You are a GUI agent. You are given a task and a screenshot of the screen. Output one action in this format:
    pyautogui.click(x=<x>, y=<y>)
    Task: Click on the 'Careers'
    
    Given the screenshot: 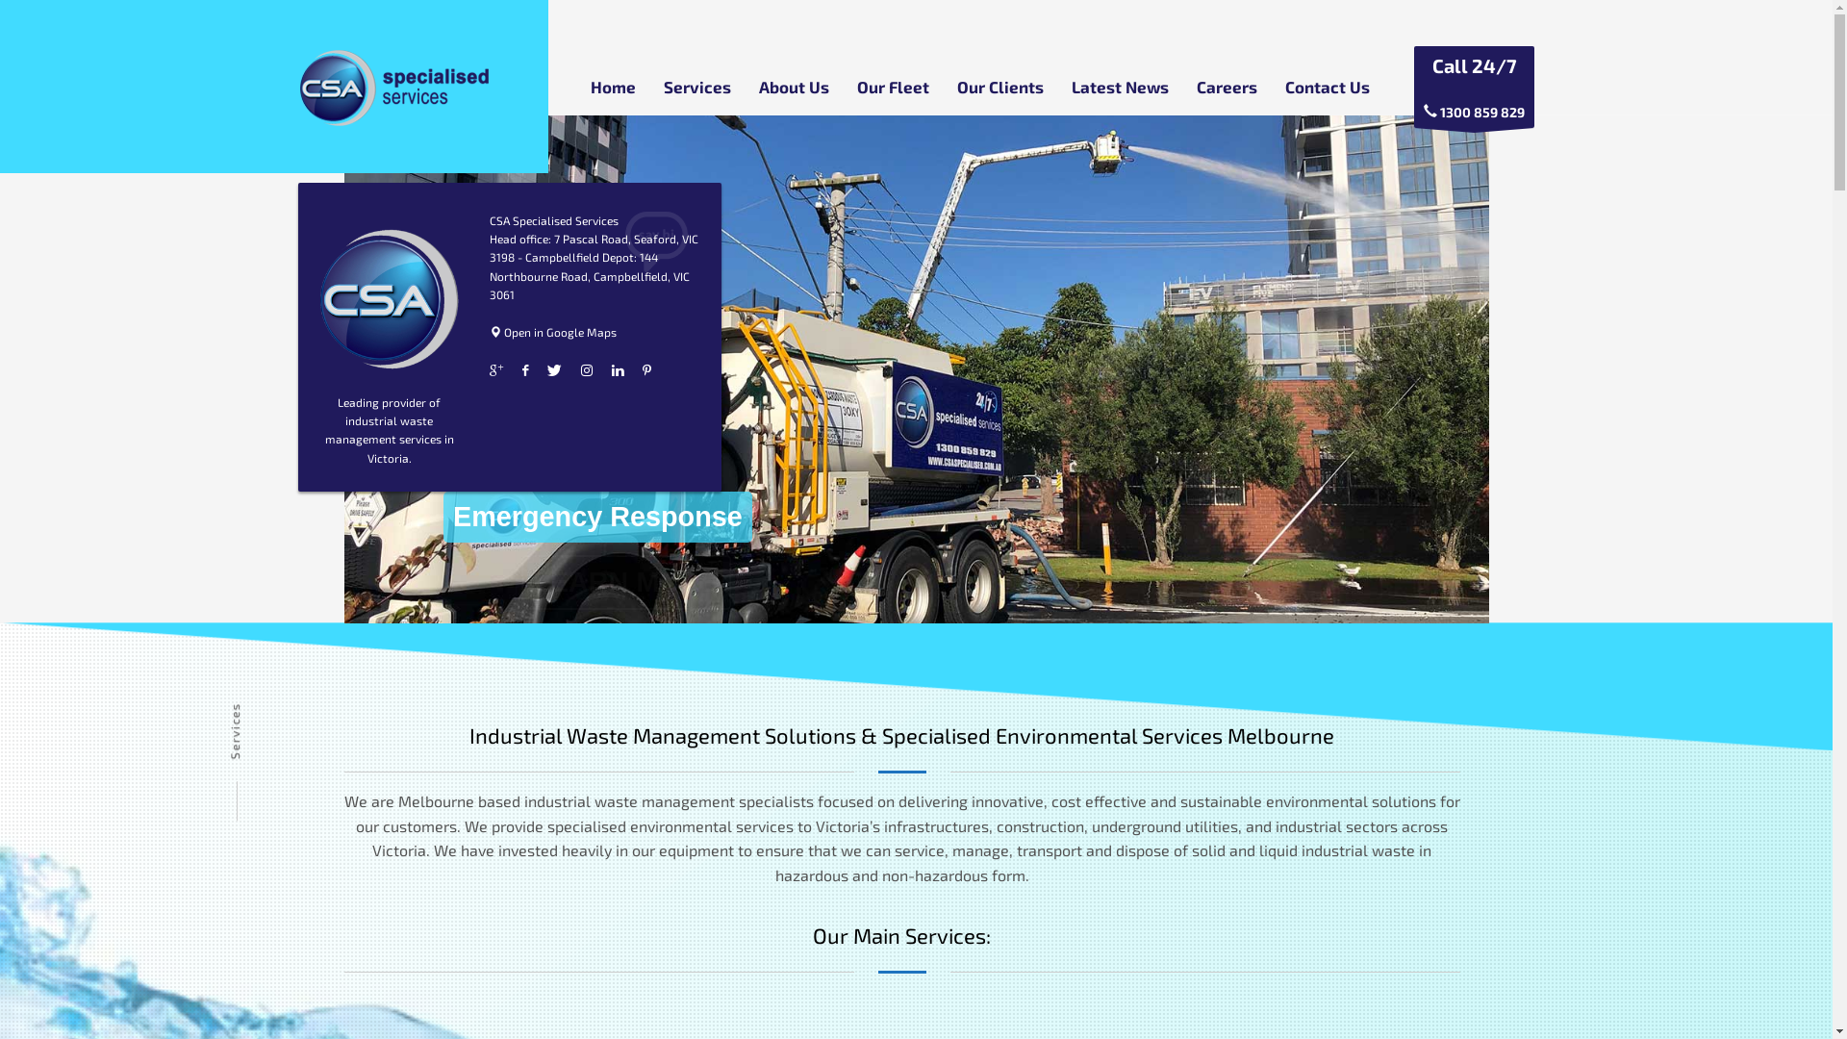 What is the action you would take?
    pyautogui.click(x=1226, y=85)
    